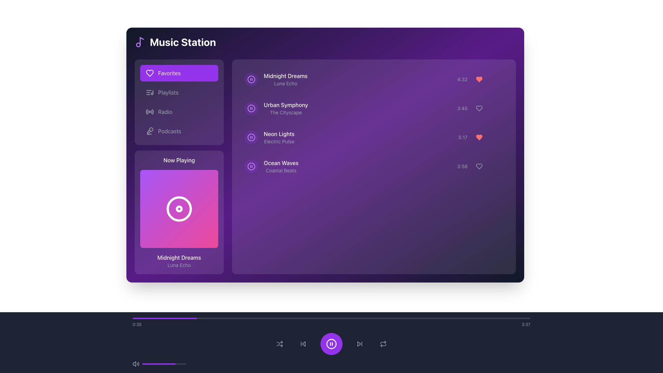  Describe the element at coordinates (479, 166) in the screenshot. I see `the heart-shaped icon button located in the bottom-right corner of the 'Ocean Waves' row` at that location.